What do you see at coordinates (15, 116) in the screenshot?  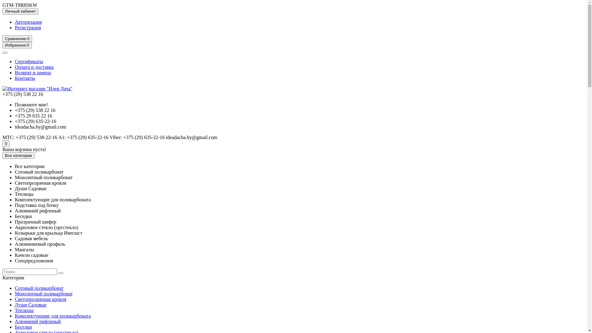 I see `'+375 29 635 22 16'` at bounding box center [15, 116].